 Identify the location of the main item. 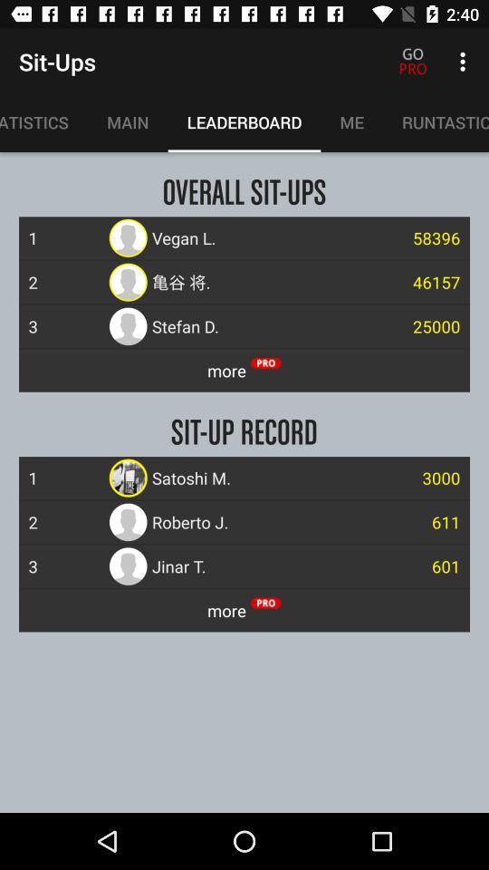
(127, 121).